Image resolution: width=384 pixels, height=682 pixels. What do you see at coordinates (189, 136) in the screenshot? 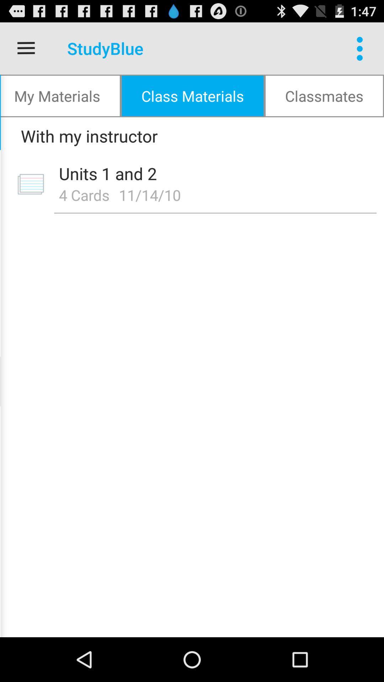
I see `icon above the units 1 and` at bounding box center [189, 136].